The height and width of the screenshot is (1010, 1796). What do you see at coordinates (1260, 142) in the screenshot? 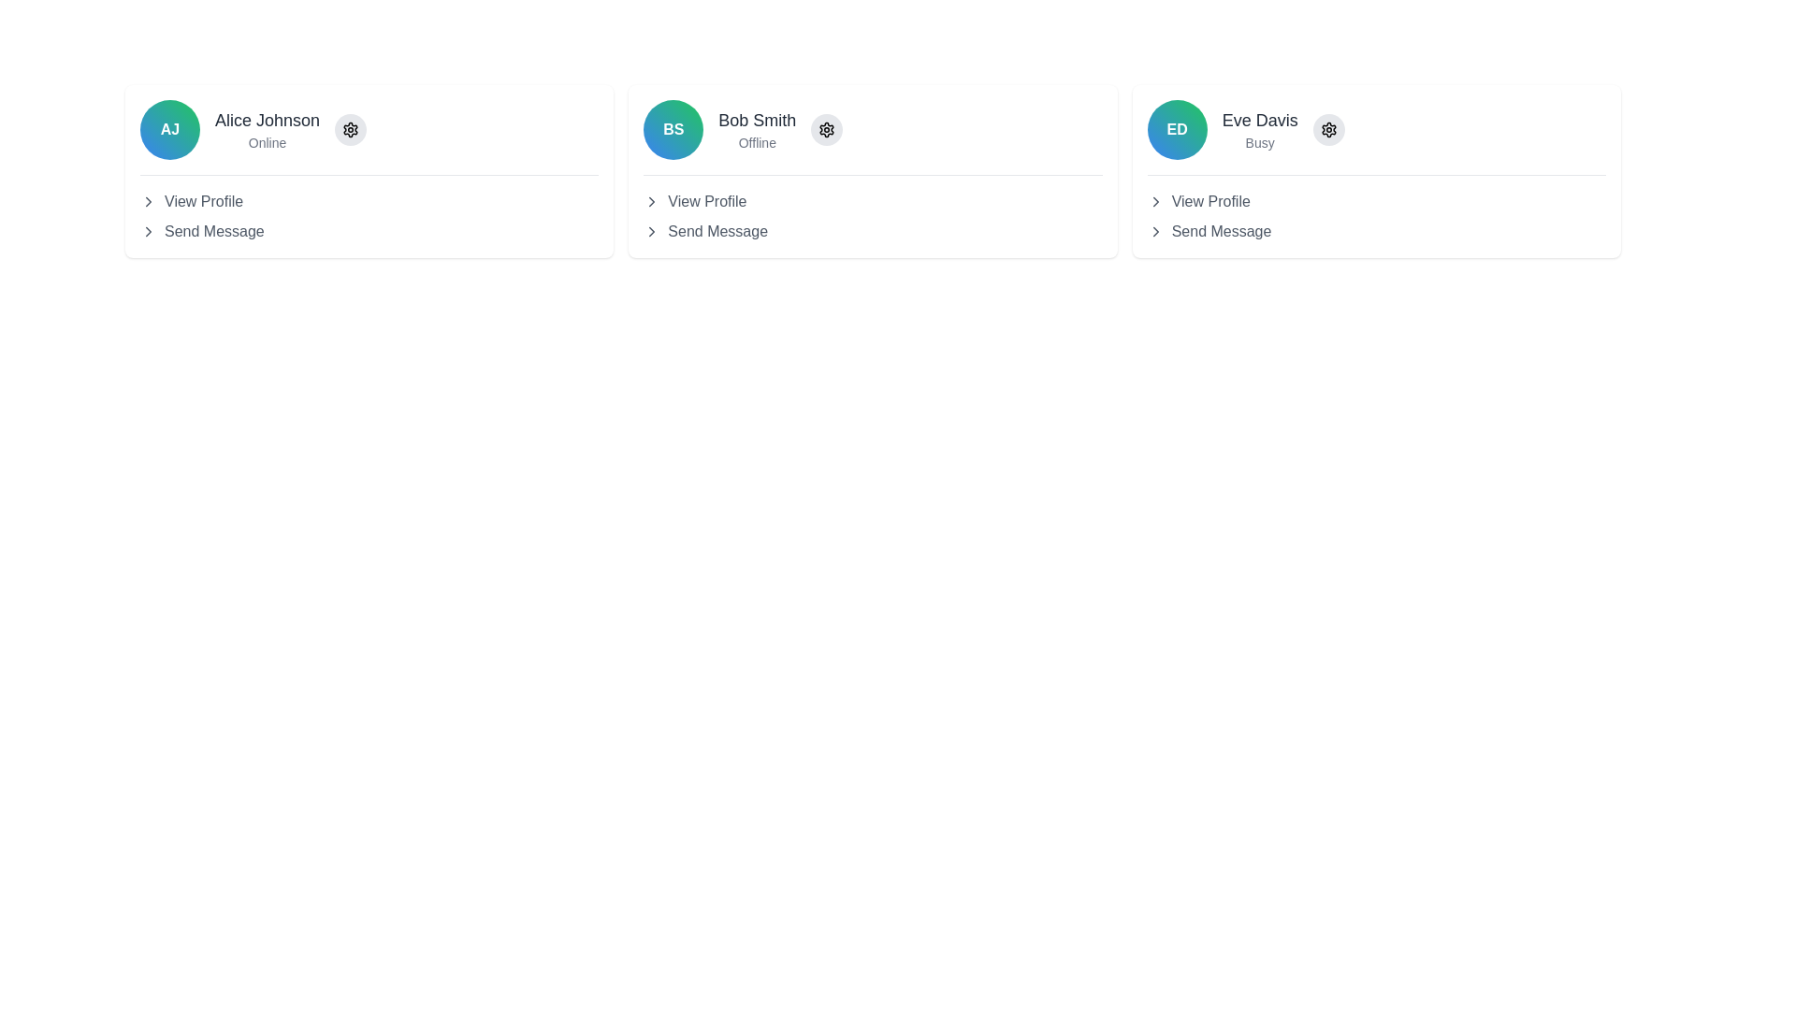
I see `the text label displaying 'Busy' located below 'Eve Davis' in the user card` at bounding box center [1260, 142].